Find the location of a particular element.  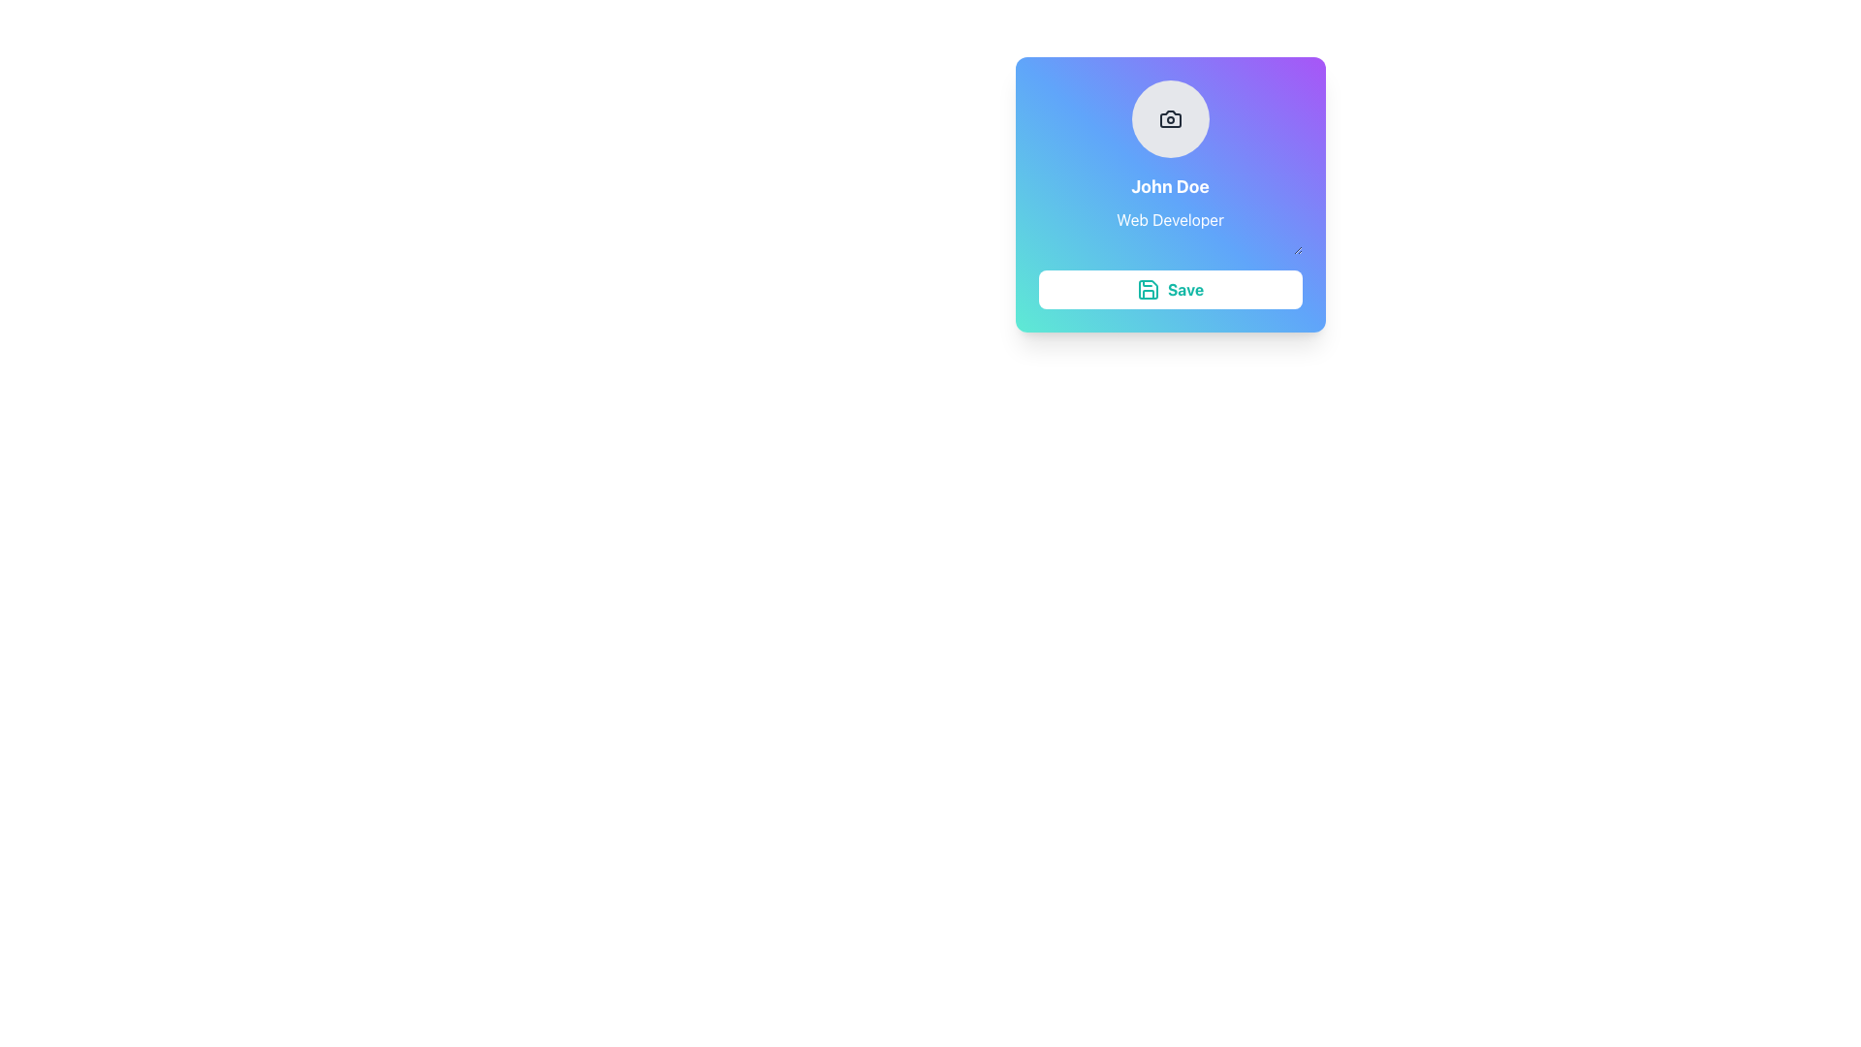

the small camera icon styled with a modern line design, which is located inside a circular gray background above the text 'John Doe' in a gradient purple and blue card element is located at coordinates (1169, 119).